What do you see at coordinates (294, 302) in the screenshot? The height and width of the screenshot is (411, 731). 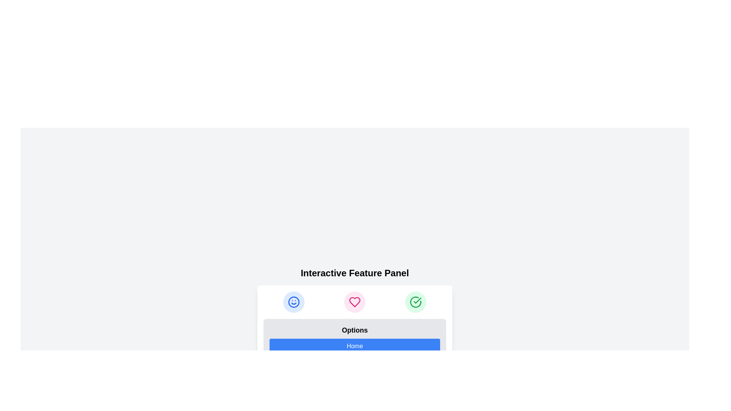 I see `the circular button with a light blue background and a smiling face icon` at bounding box center [294, 302].